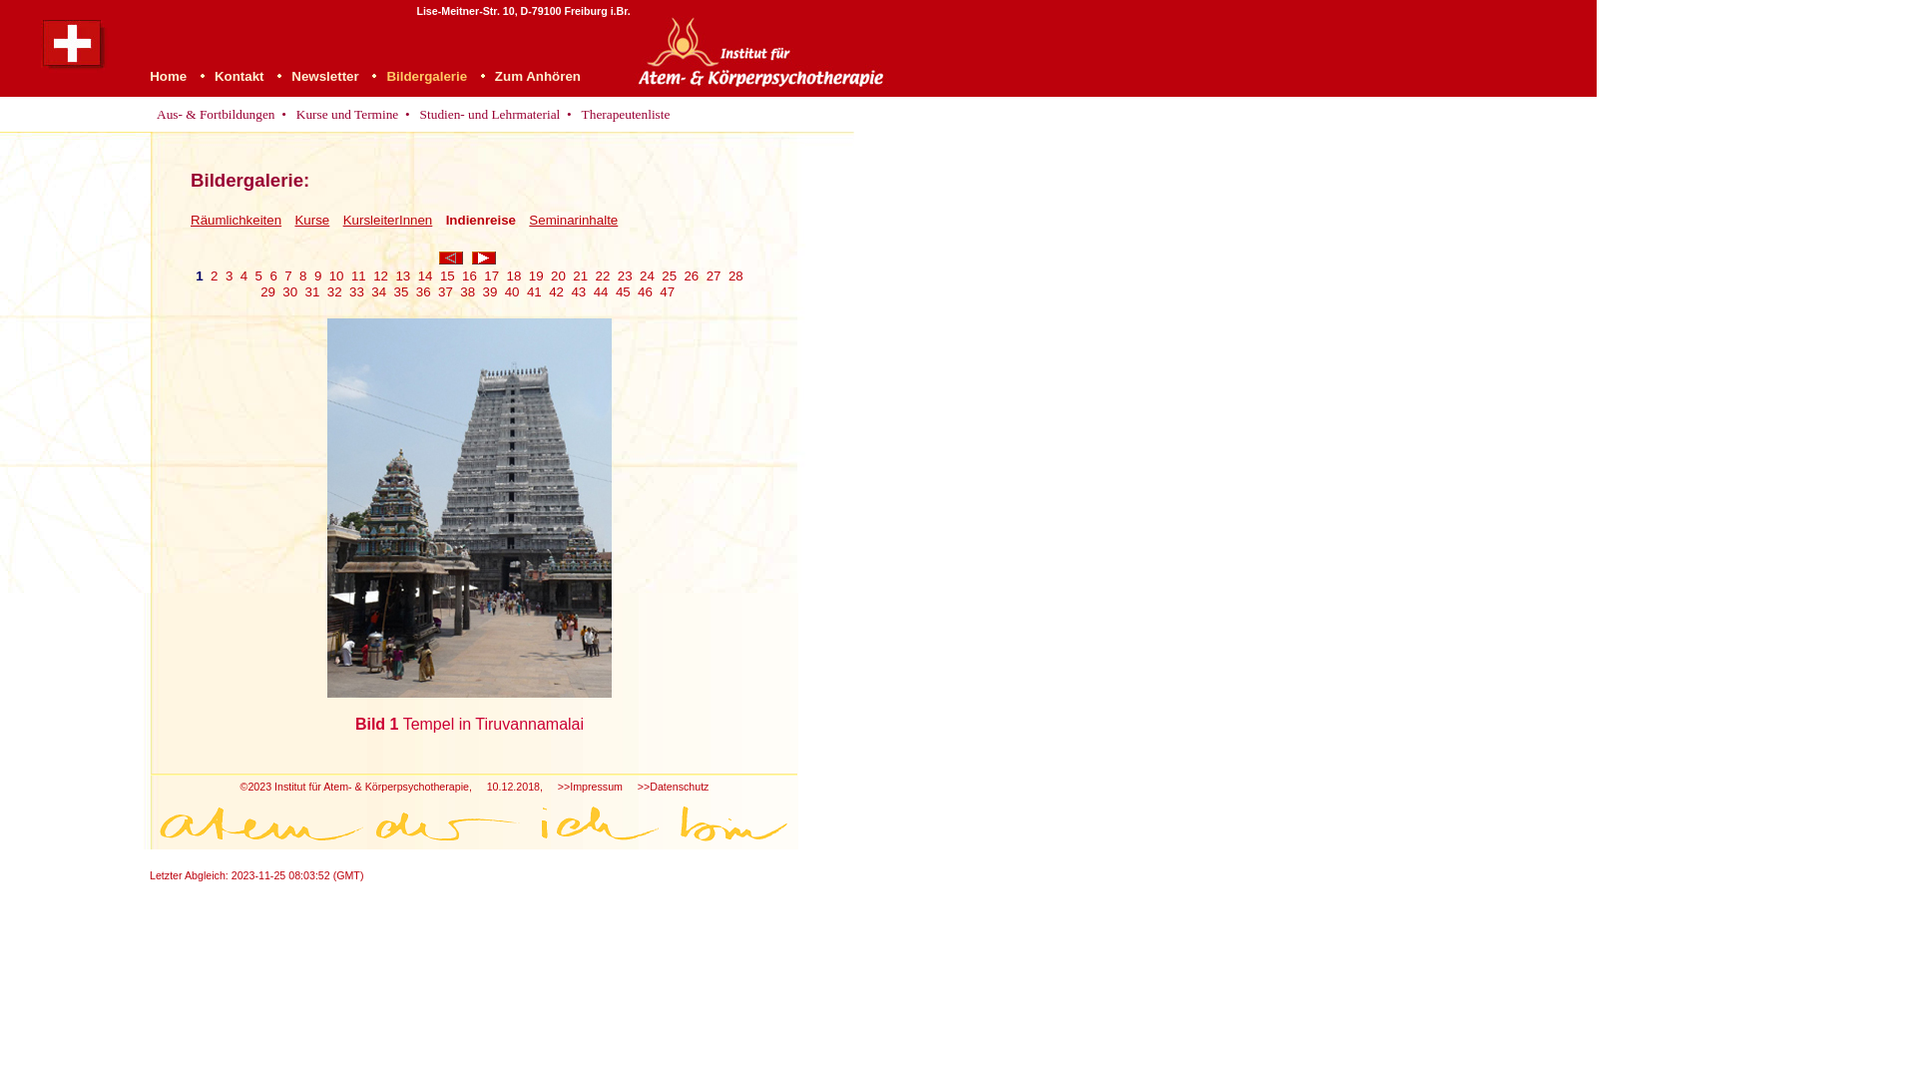 Image resolution: width=1916 pixels, height=1078 pixels. Describe the element at coordinates (301, 275) in the screenshot. I see `'8'` at that location.